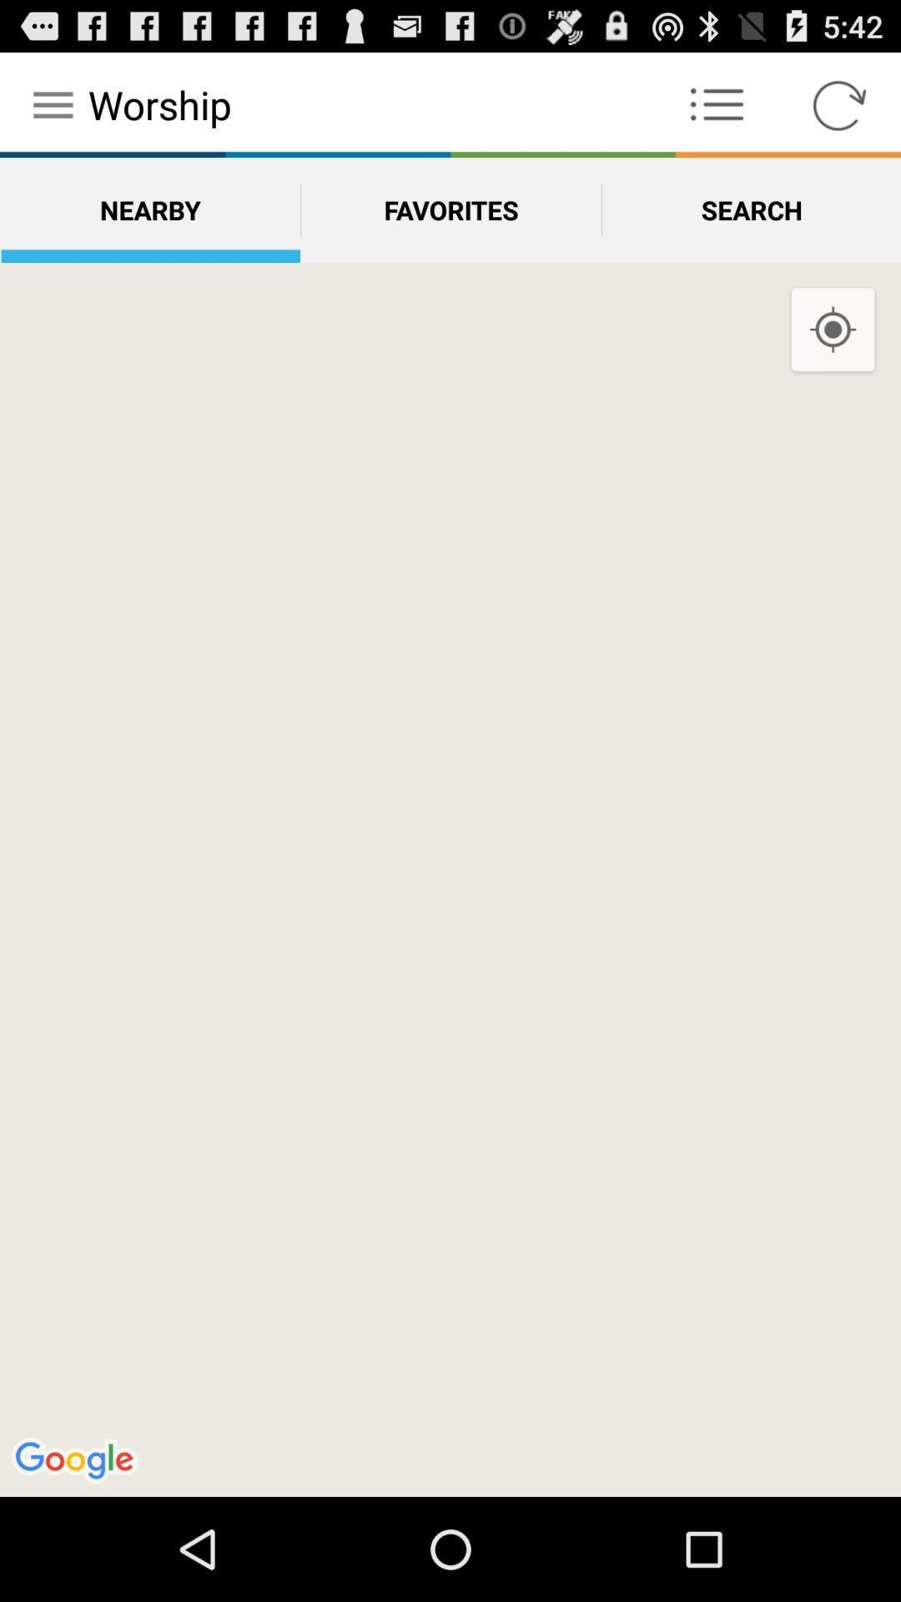  What do you see at coordinates (833, 353) in the screenshot?
I see `the location_crosshair icon` at bounding box center [833, 353].